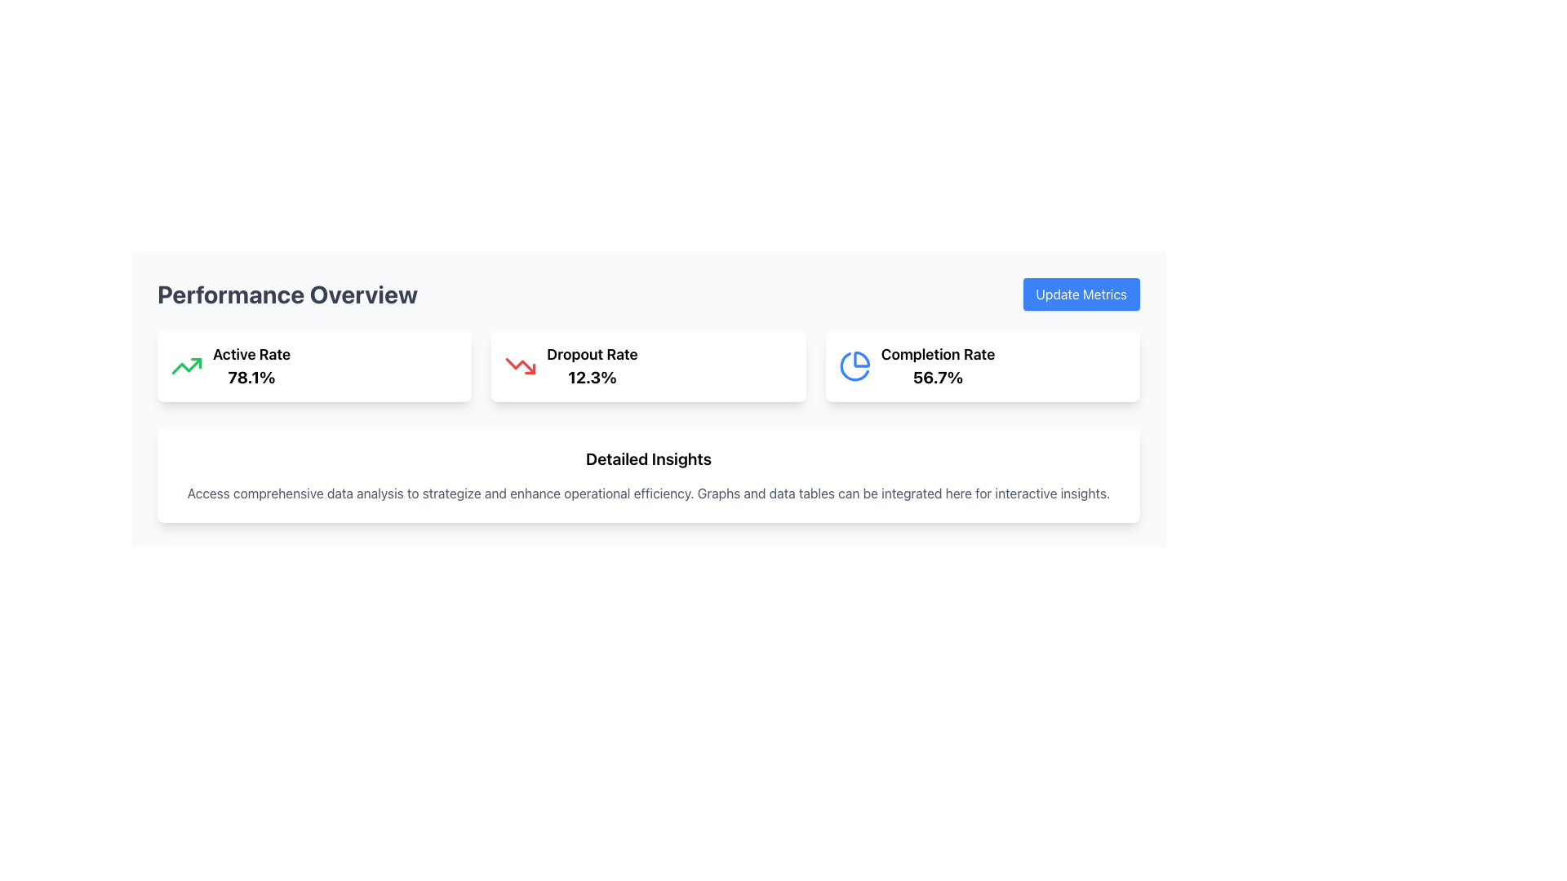 The width and height of the screenshot is (1567, 881). Describe the element at coordinates (520, 365) in the screenshot. I see `downward trend icon located at the center of the 'Dropout Rate' card in the 'Performance Overview' section` at that location.